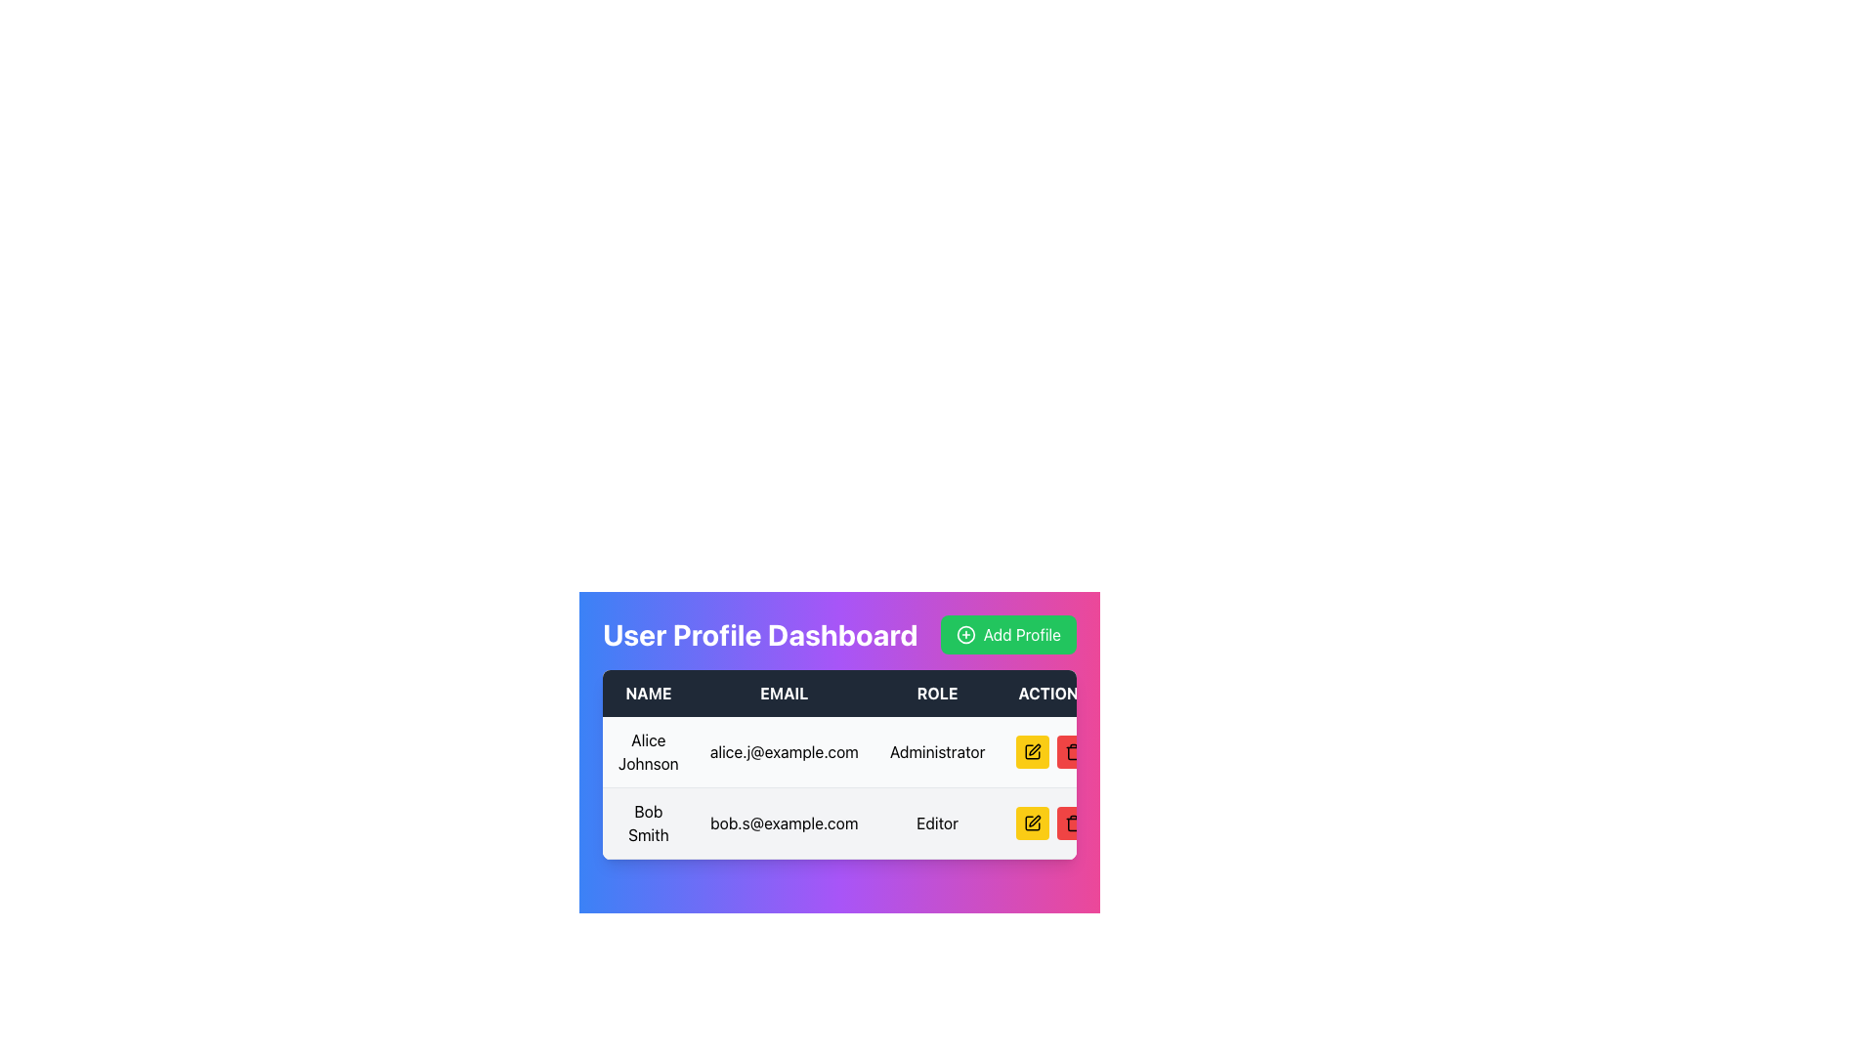 The height and width of the screenshot is (1055, 1876). I want to click on the edit icon in the ACTION column of the user profile dashboard for user 'Bob Smith' to initiate editing, so click(1034, 821).